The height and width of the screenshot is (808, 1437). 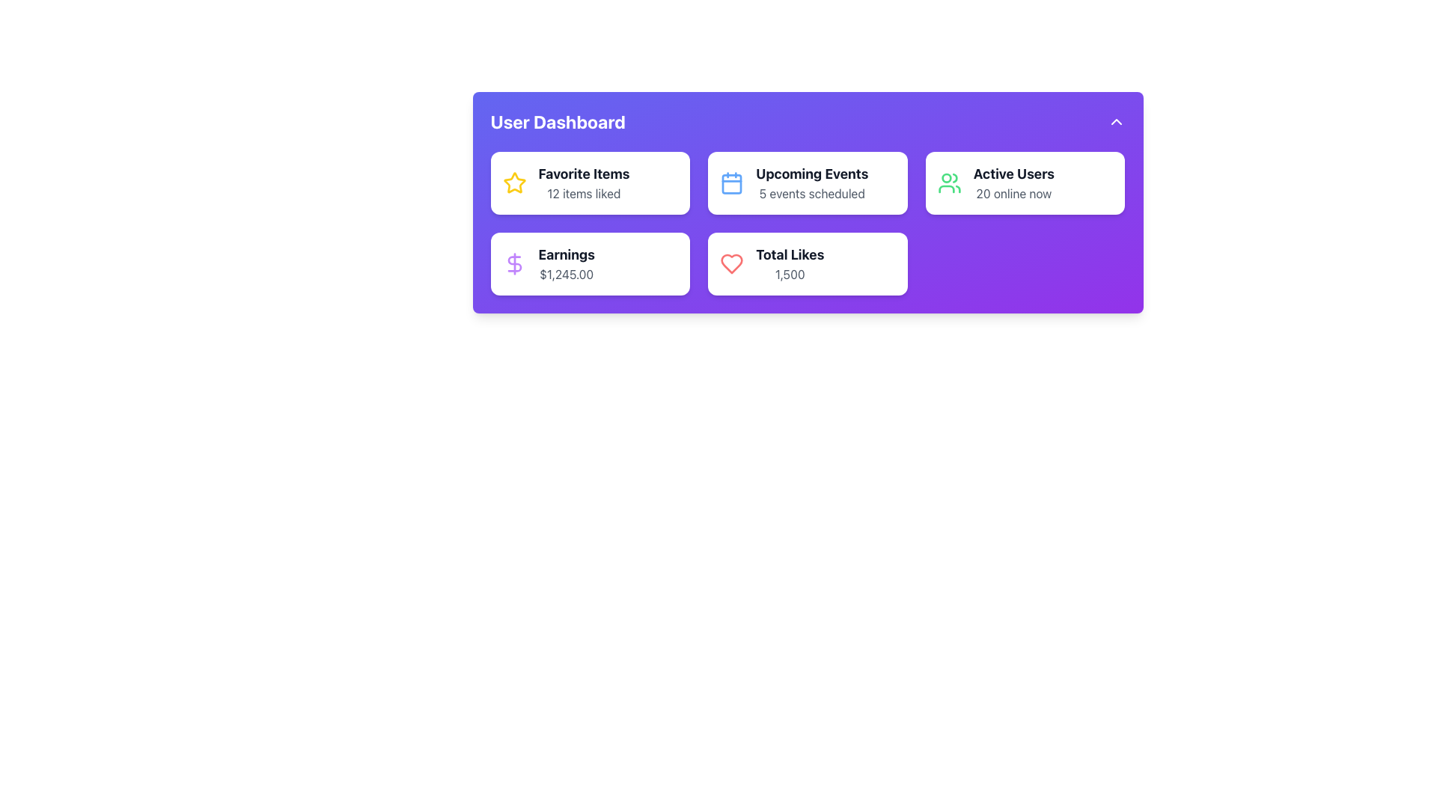 What do you see at coordinates (566, 263) in the screenshot?
I see `the text-based information display showing the earnings metric in the financial dashboard, located in the bottom-left corner of the dashboard card group, directly to the right of the purple dollar sign icon` at bounding box center [566, 263].